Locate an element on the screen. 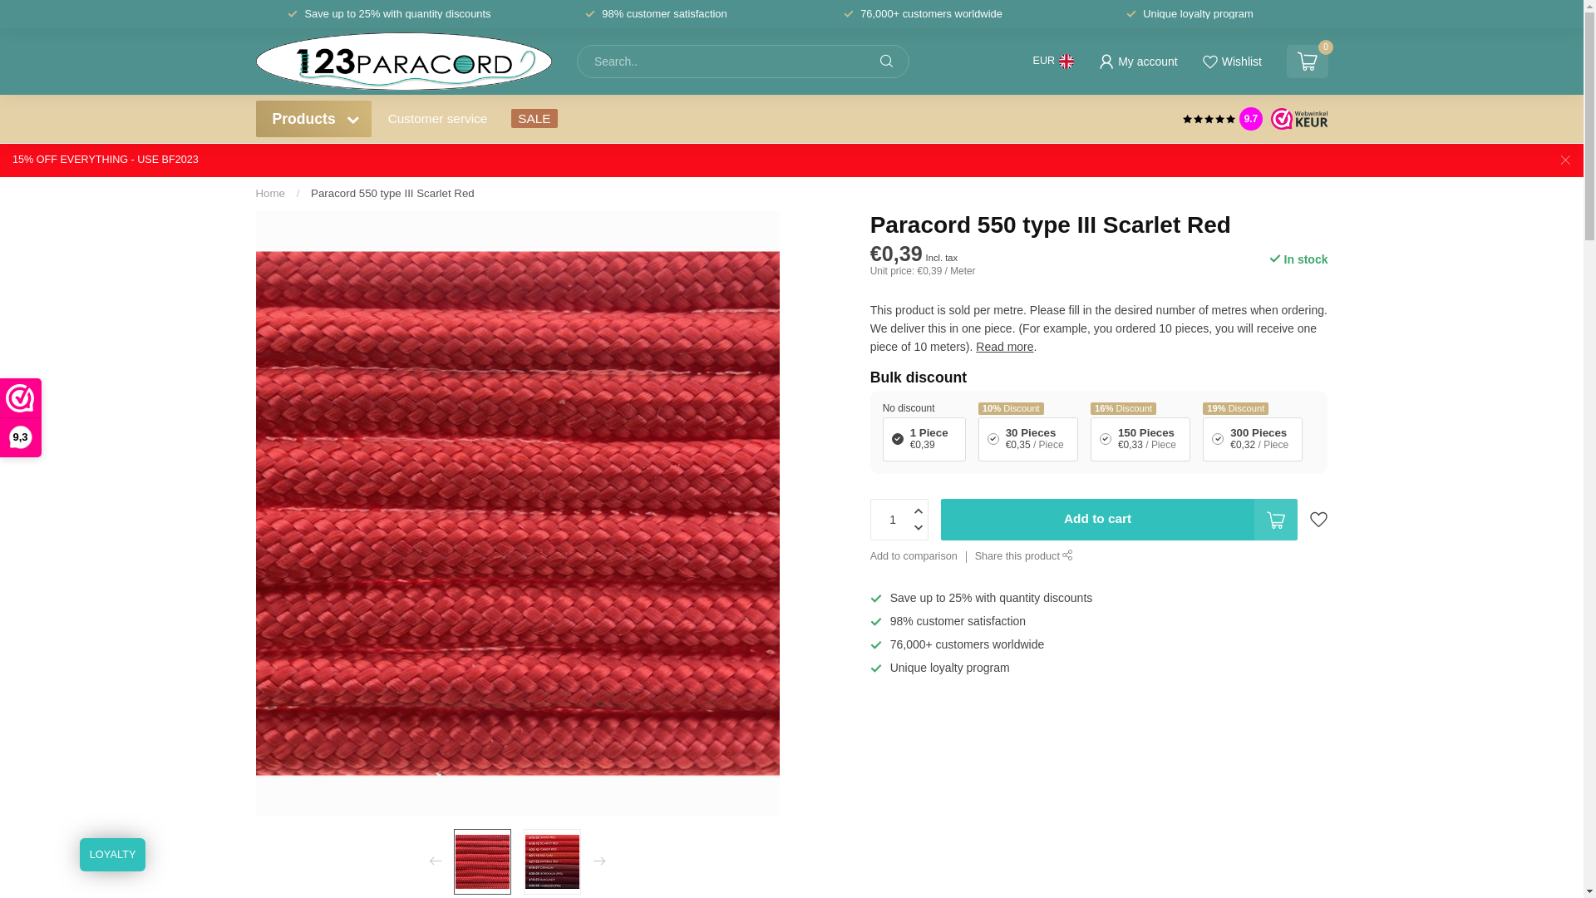 The image size is (1596, 898). 'Add to cart' is located at coordinates (1120, 518).